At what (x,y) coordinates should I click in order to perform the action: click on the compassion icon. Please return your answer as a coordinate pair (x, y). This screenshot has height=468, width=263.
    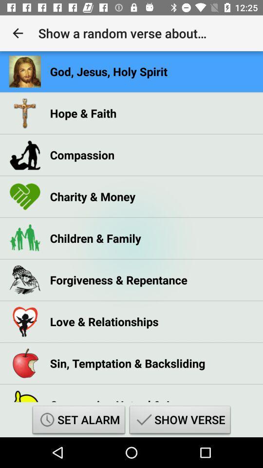
    Looking at the image, I should click on (81, 155).